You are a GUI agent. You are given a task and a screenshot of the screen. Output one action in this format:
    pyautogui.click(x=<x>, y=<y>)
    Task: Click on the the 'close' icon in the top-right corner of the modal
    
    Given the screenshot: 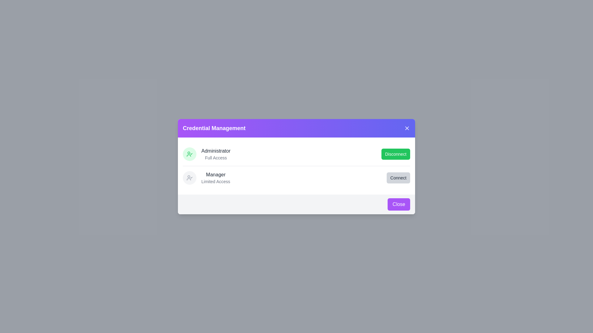 What is the action you would take?
    pyautogui.click(x=407, y=128)
    